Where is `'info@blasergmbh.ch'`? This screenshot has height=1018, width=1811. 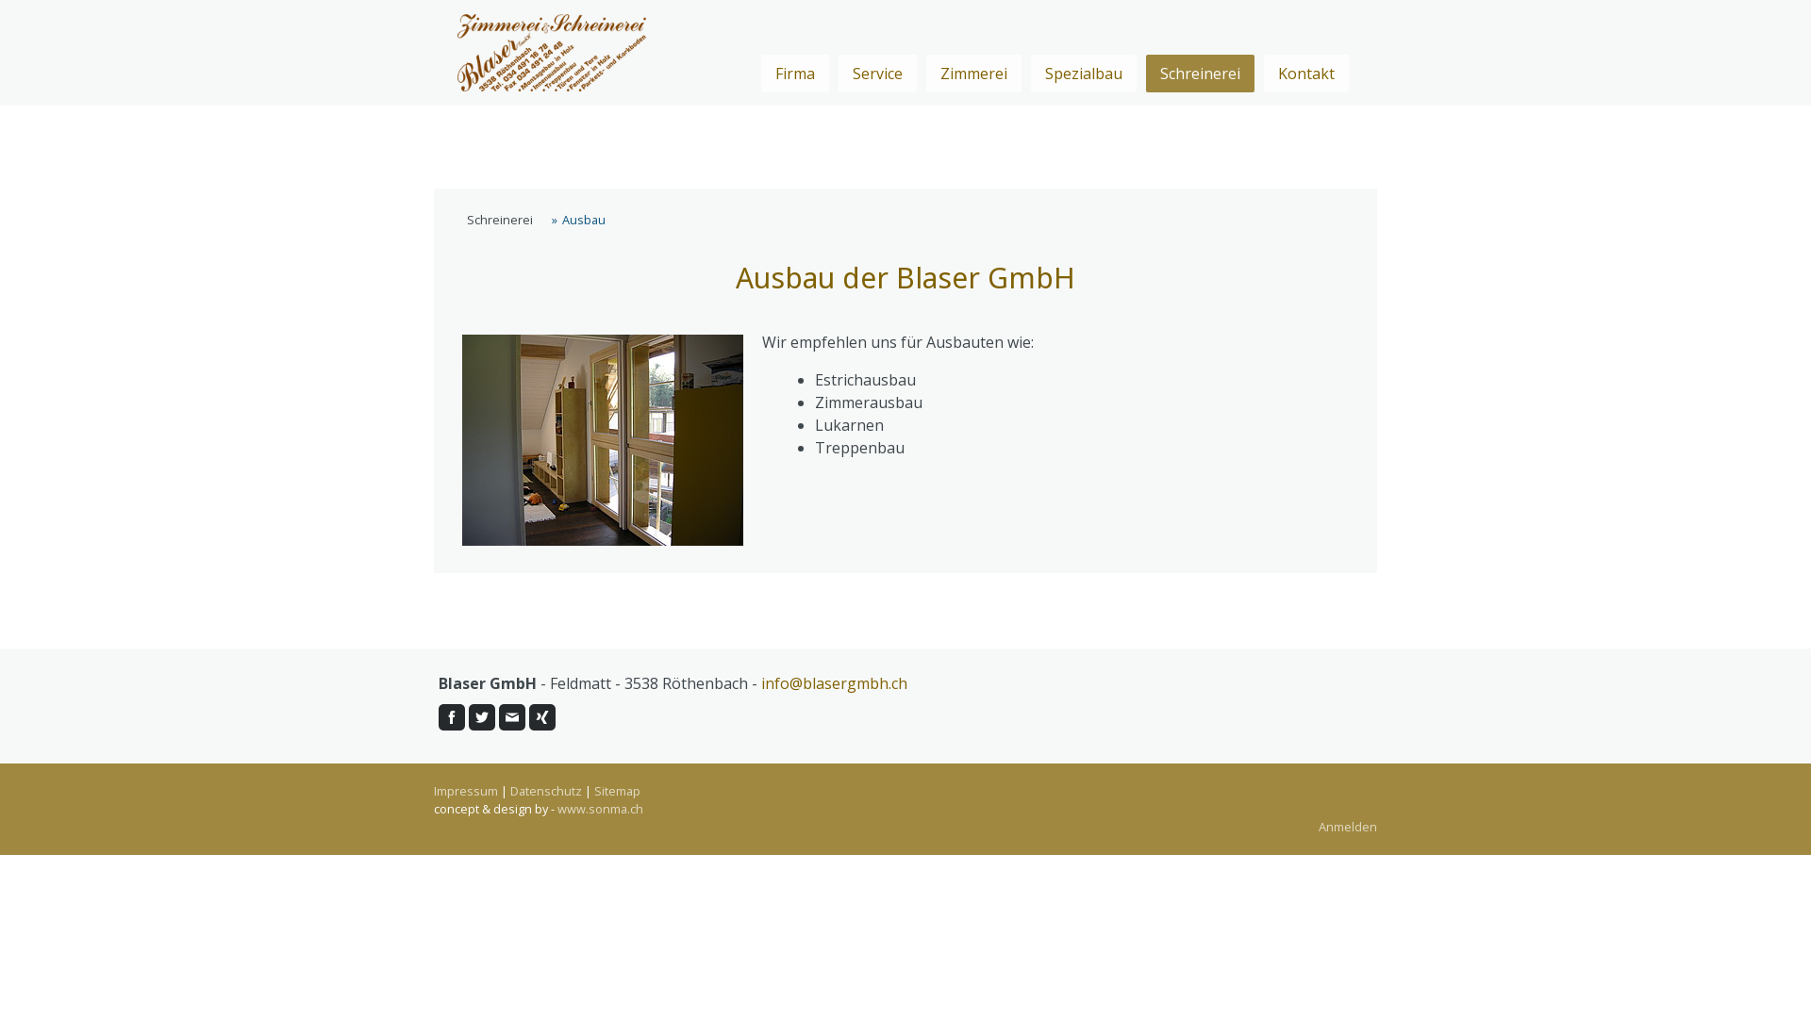
'info@blasergmbh.ch' is located at coordinates (833, 683).